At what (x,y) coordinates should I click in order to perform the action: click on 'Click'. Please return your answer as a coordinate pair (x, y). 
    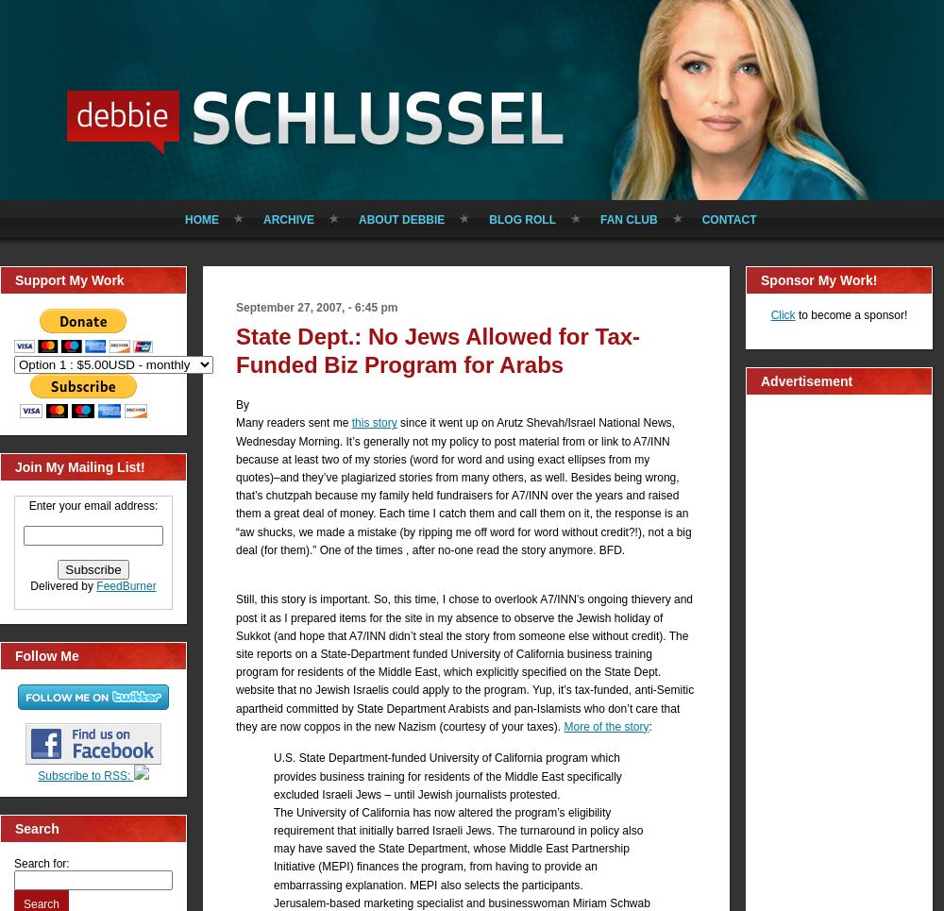
    Looking at the image, I should click on (782, 313).